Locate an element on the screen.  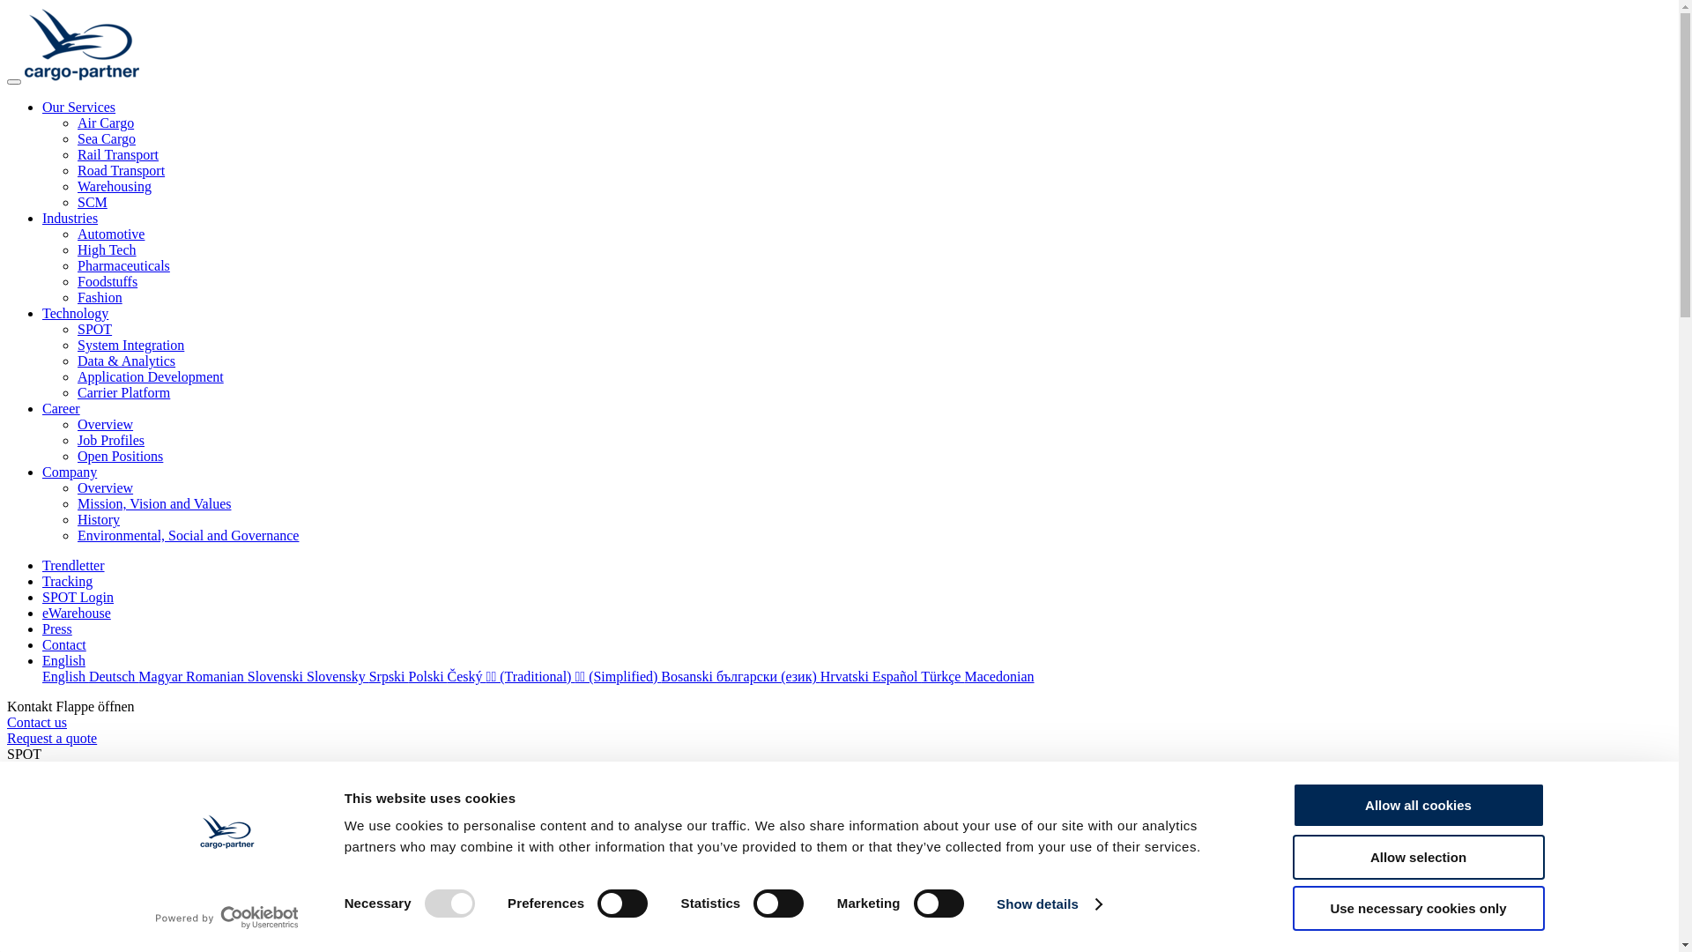
'Show details' is located at coordinates (997, 904).